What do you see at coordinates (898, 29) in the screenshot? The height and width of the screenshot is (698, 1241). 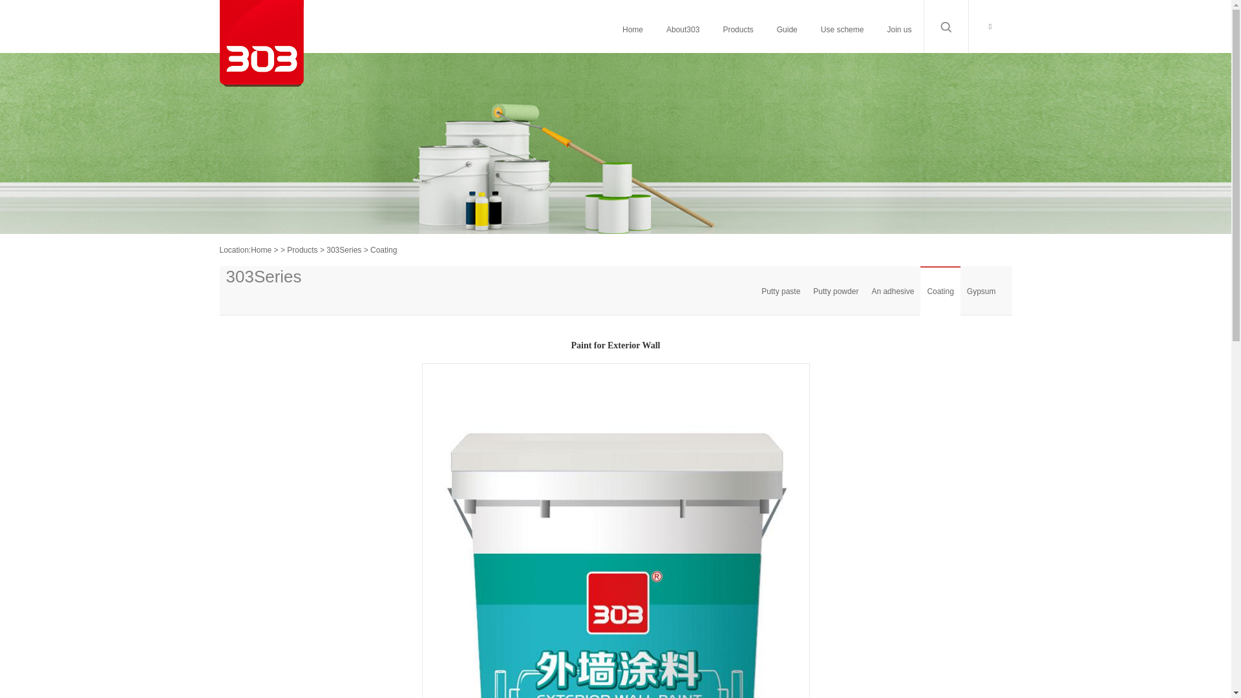 I see `'Join us'` at bounding box center [898, 29].